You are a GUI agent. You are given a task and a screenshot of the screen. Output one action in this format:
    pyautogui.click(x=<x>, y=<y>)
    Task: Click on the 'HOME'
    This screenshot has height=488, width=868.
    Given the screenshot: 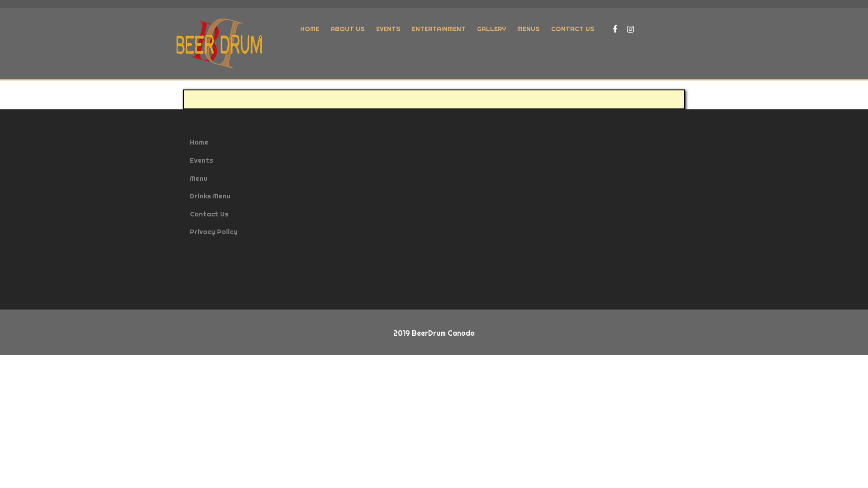 What is the action you would take?
    pyautogui.click(x=295, y=28)
    